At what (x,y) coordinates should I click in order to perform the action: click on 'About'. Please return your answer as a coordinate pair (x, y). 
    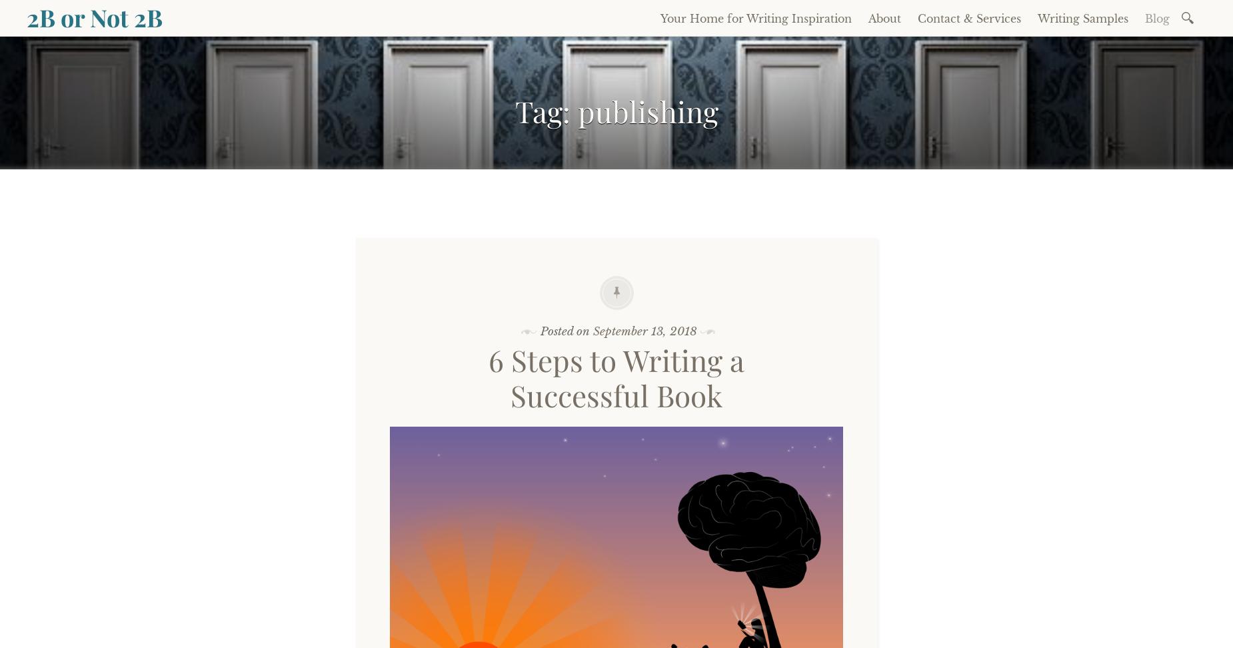
    Looking at the image, I should click on (884, 18).